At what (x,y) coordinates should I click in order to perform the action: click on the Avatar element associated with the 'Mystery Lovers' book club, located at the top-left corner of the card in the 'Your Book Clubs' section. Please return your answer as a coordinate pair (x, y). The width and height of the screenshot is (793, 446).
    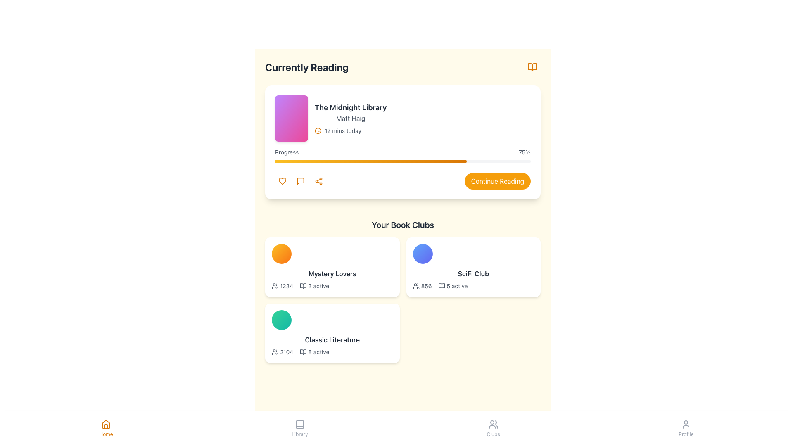
    Looking at the image, I should click on (281, 253).